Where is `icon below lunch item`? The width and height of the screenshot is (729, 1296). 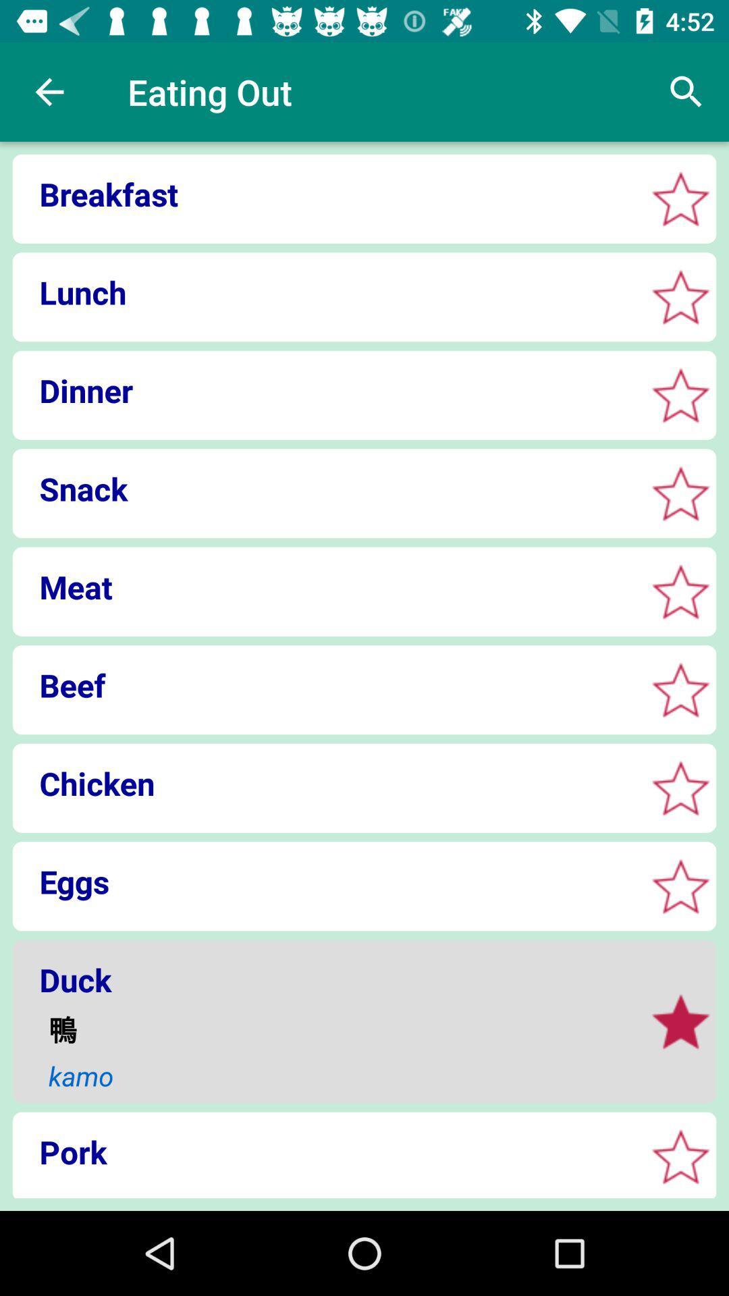
icon below lunch item is located at coordinates (325, 389).